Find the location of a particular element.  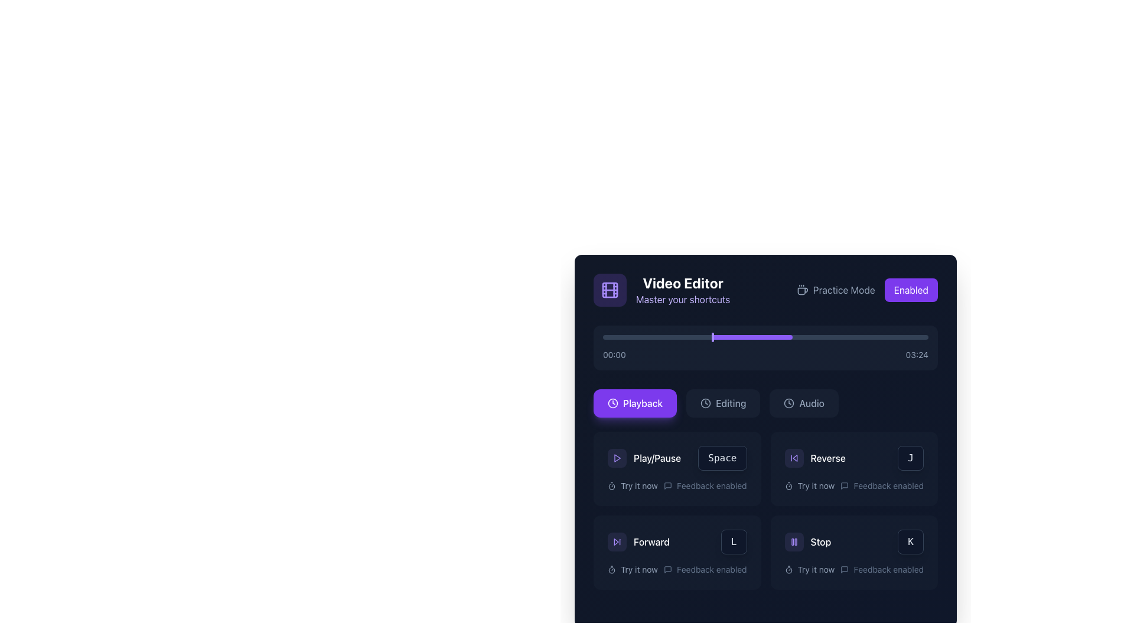

text label that displays 'Try it now' in a light-colored font on a dark background, positioned below the 'Forward' button is located at coordinates (638, 569).